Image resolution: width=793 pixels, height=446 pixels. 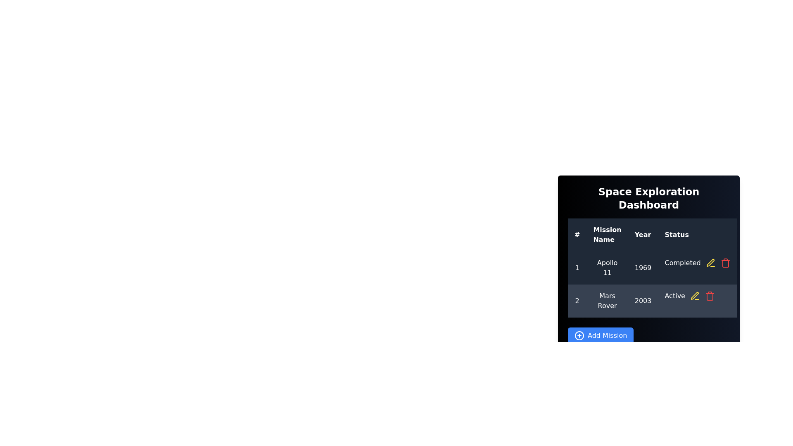 What do you see at coordinates (710, 263) in the screenshot?
I see `the yellow pen icon in the 'Status' column of the second row (Mars Rover, 2003, Active) on the Space Exploration Dashboard to initiate editing` at bounding box center [710, 263].